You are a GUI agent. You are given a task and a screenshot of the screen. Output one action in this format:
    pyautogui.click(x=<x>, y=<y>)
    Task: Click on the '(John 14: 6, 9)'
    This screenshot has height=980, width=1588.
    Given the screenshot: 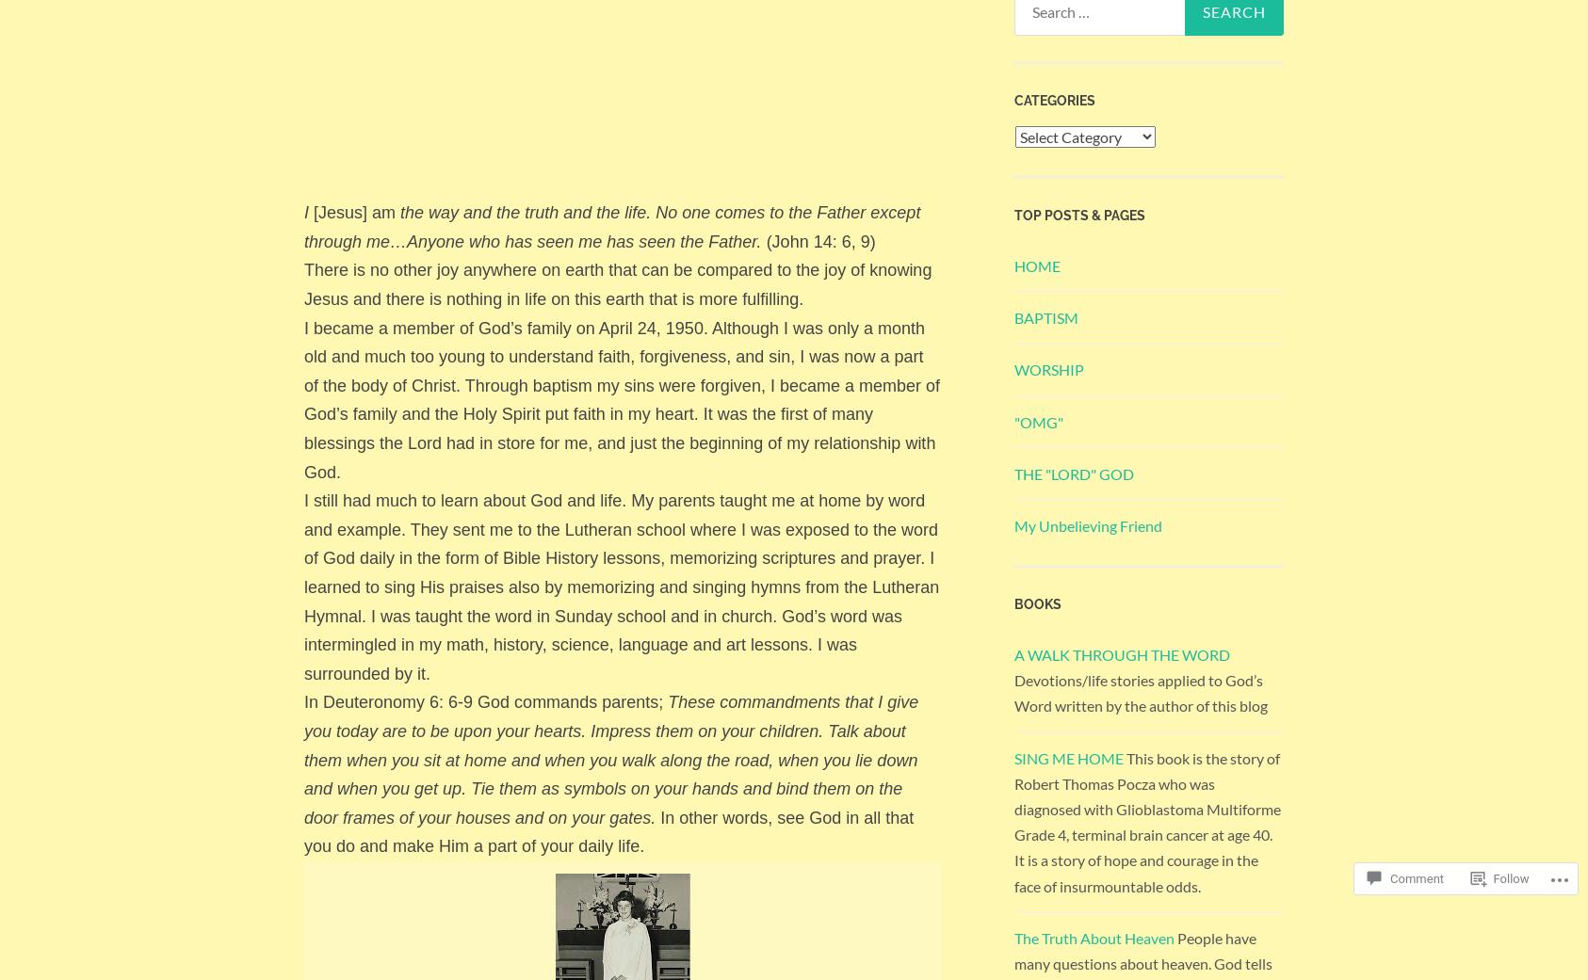 What is the action you would take?
    pyautogui.click(x=765, y=239)
    